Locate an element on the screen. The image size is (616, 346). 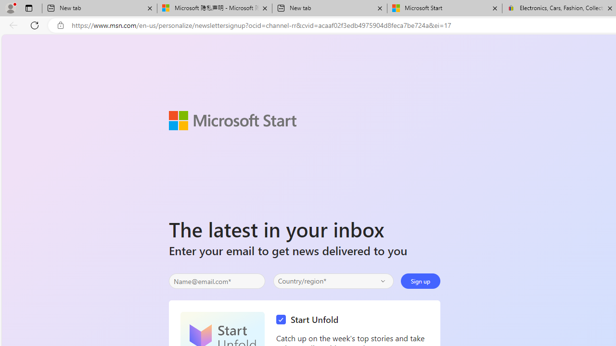
'Enter your email' is located at coordinates (216, 281).